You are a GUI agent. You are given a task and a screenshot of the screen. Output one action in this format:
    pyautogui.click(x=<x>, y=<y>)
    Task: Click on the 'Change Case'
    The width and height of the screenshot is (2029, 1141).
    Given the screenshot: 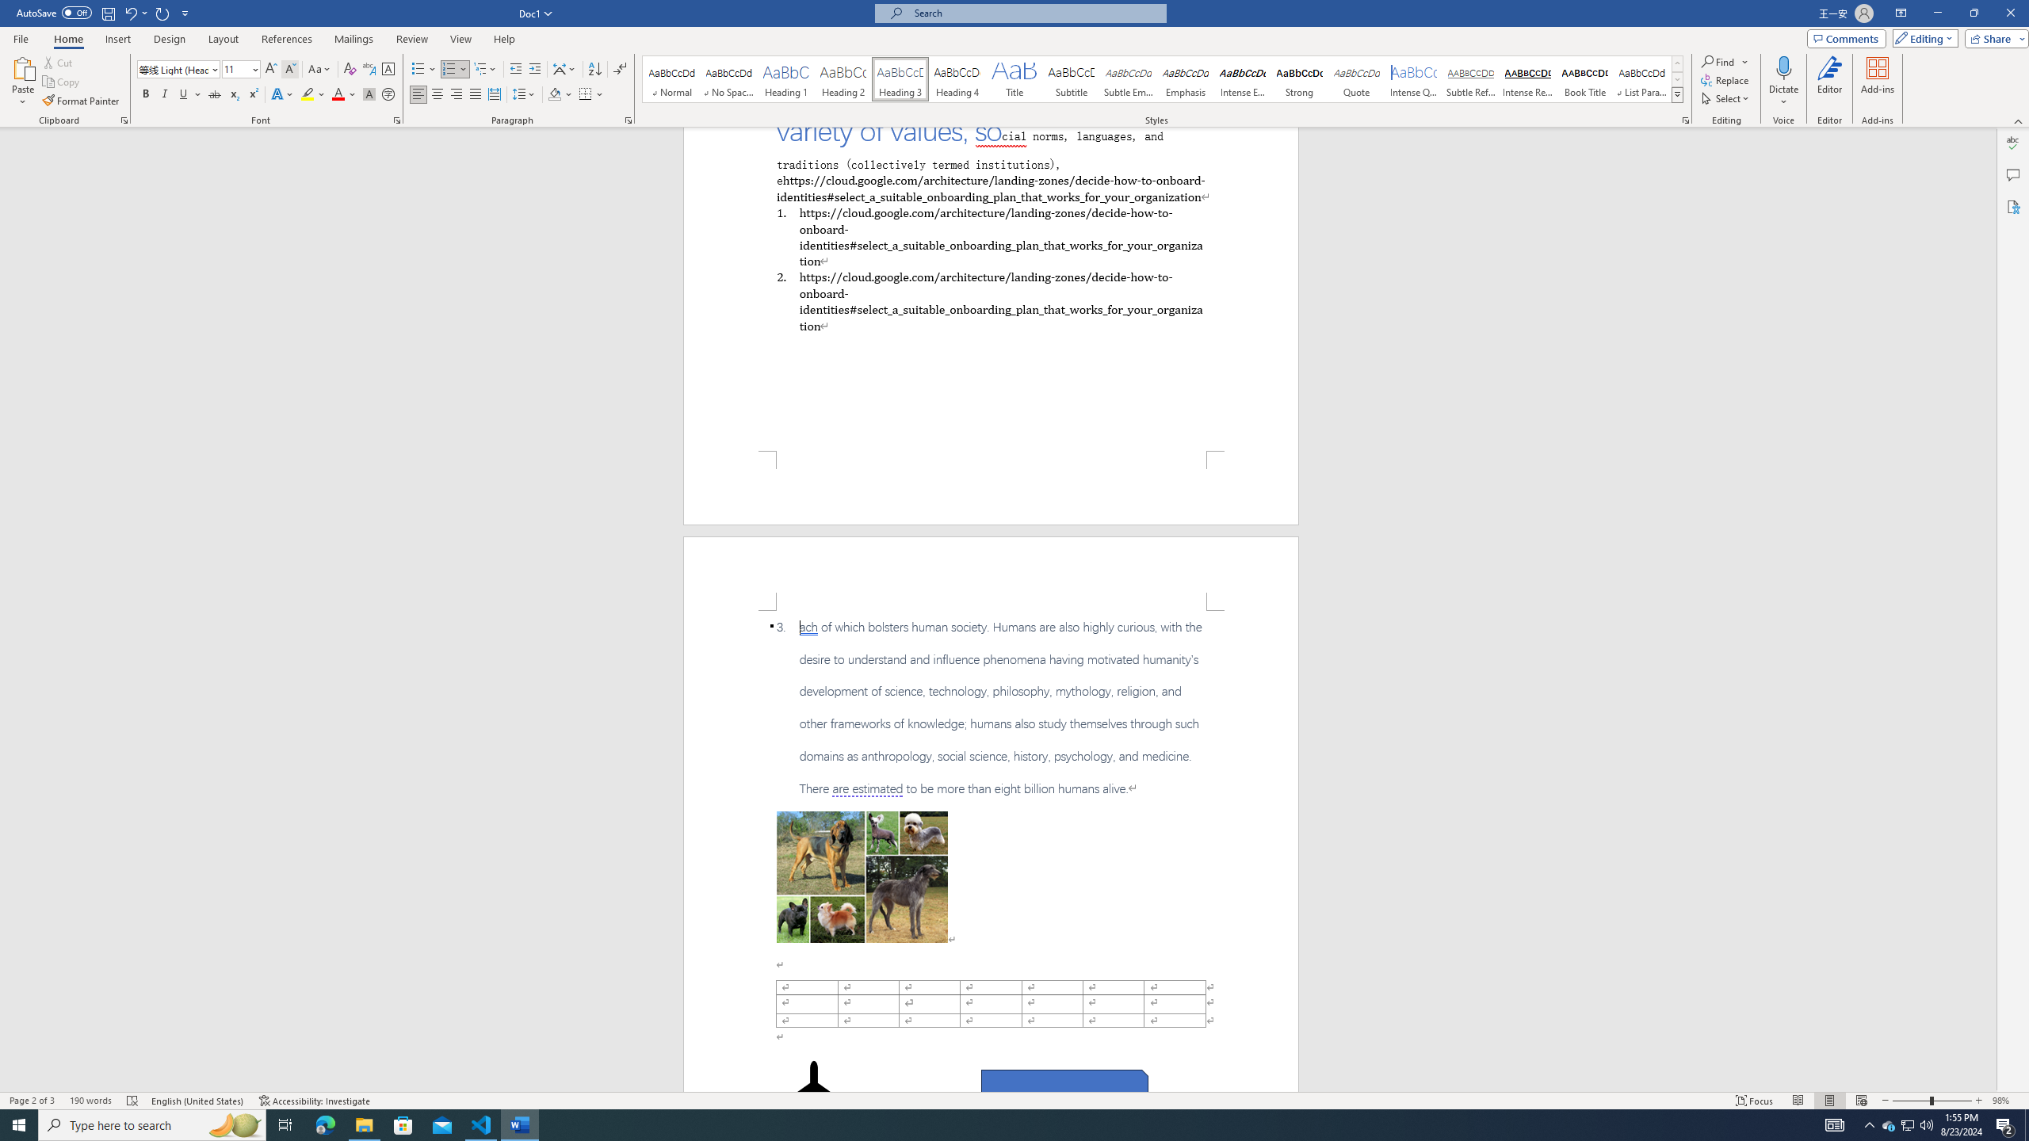 What is the action you would take?
    pyautogui.click(x=319, y=69)
    